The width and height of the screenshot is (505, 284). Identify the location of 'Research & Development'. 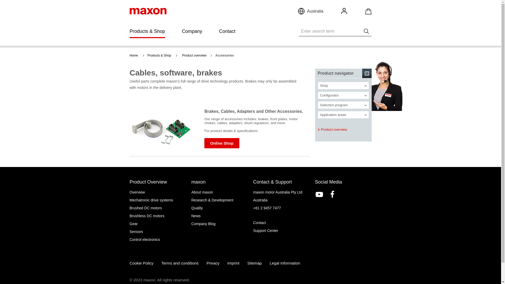
(220, 200).